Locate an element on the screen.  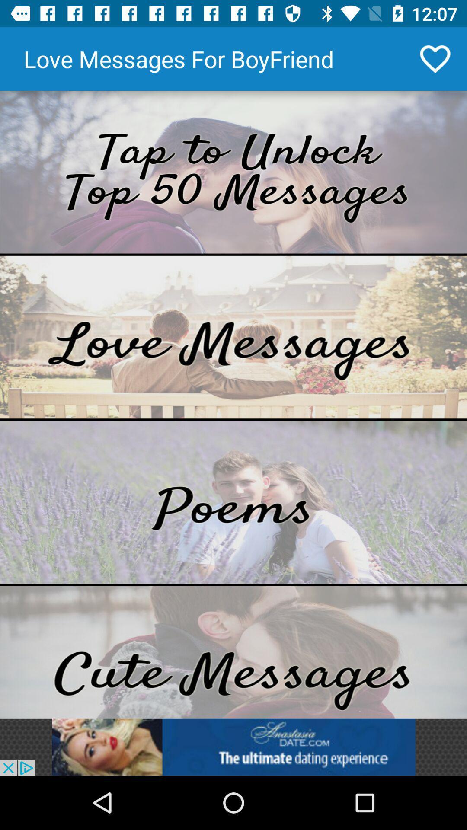
love messages button is located at coordinates (233, 336).